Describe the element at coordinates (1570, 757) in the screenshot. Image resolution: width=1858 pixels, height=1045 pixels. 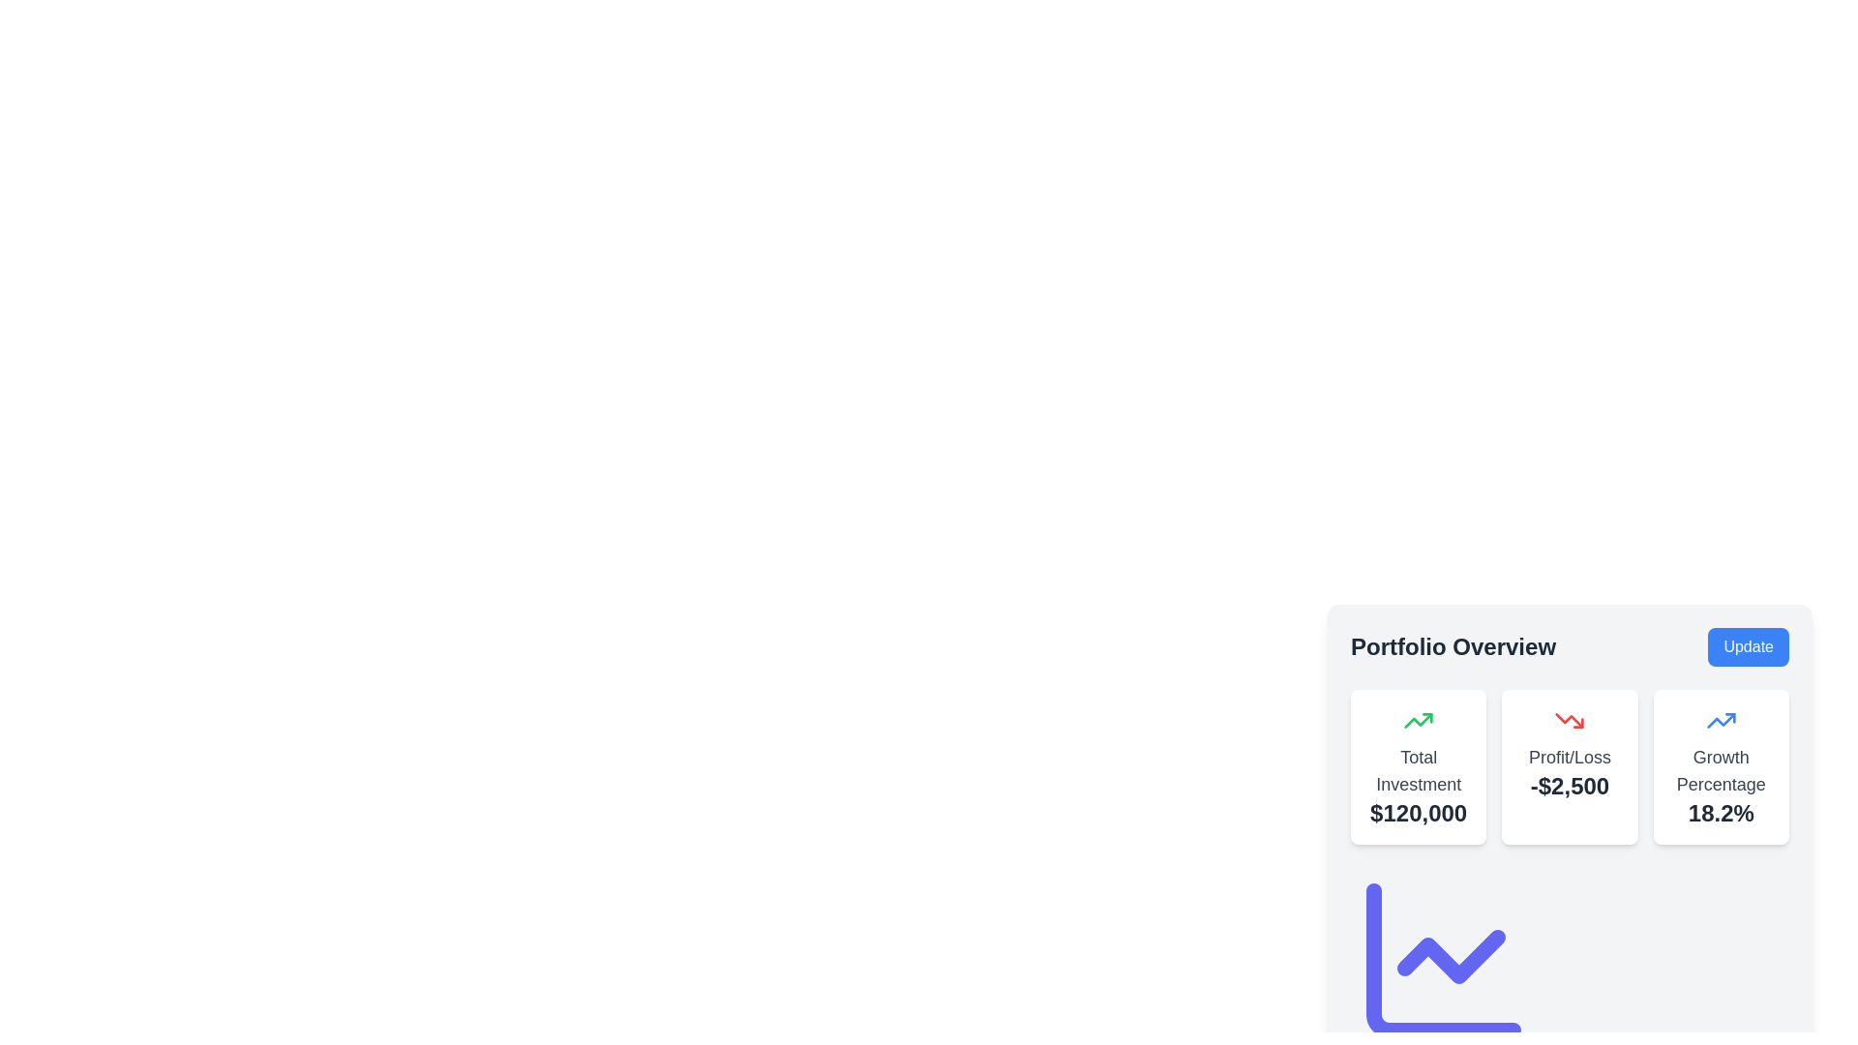
I see `the text label 'Profit/Loss' which is styled in gray and positioned above the numerical value '-$2,500'` at that location.